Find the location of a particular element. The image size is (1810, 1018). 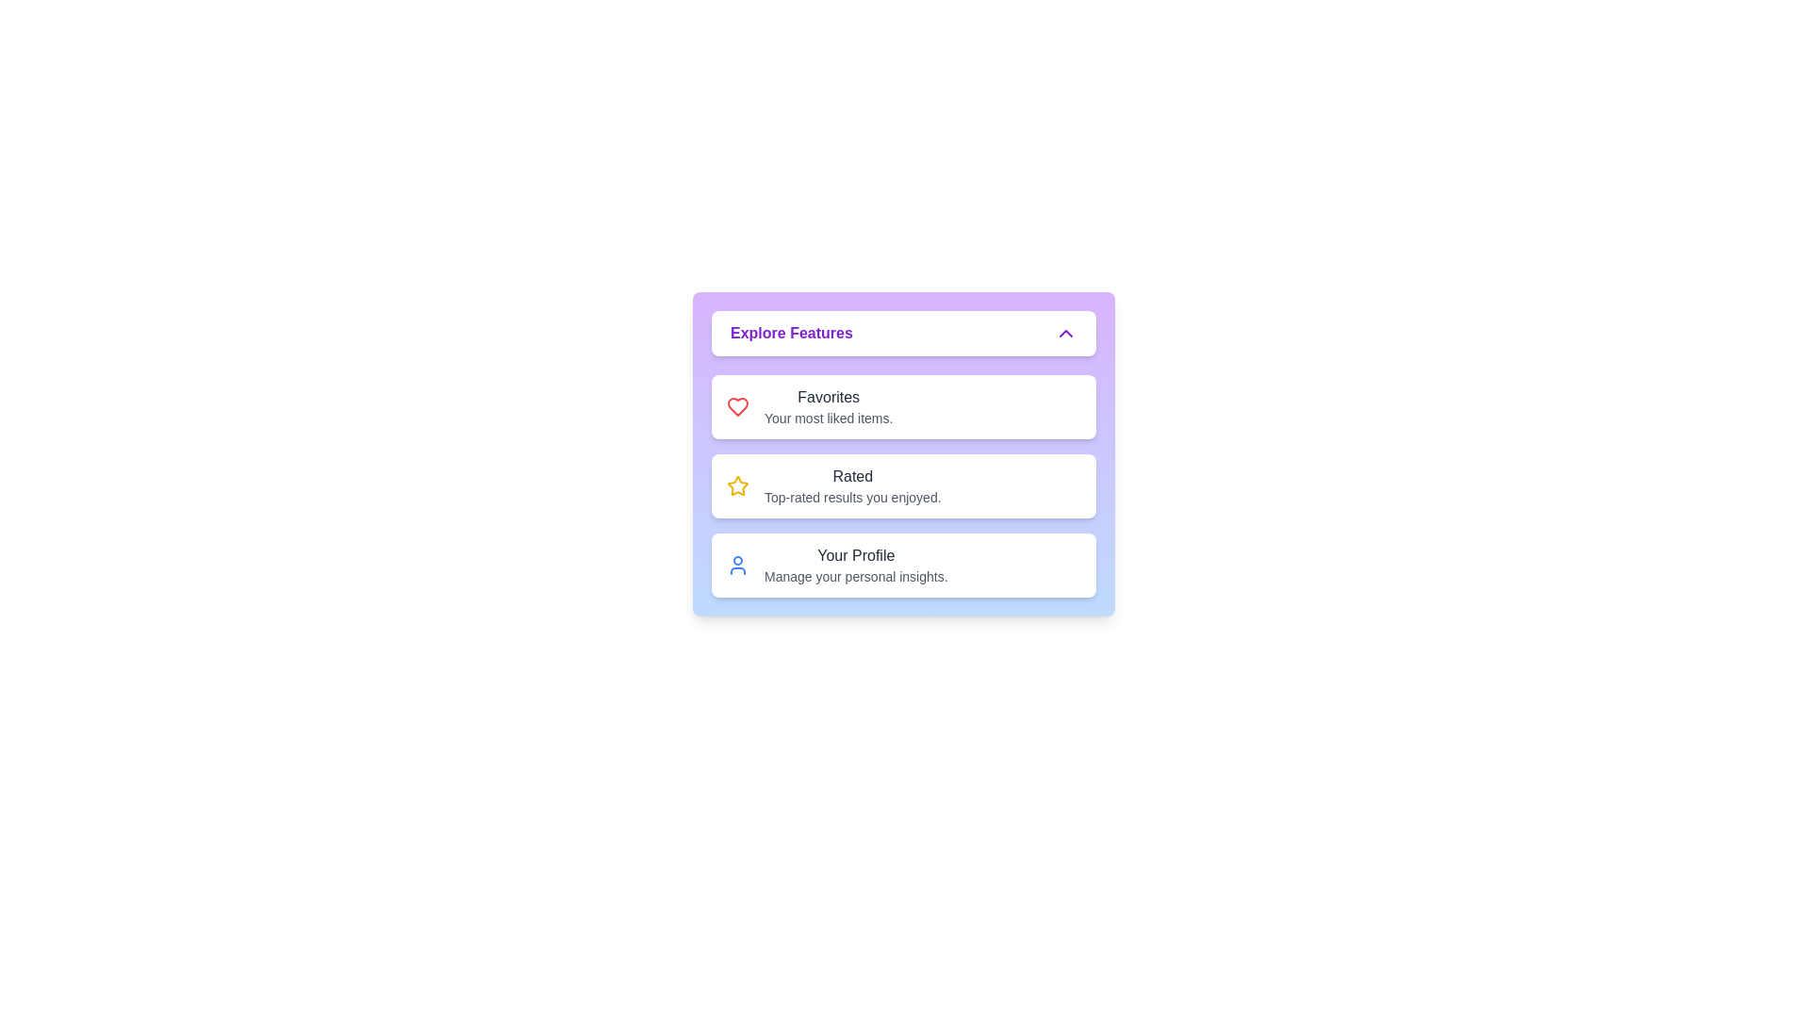

the text label displaying 'Your most liked items.' which is positioned directly below the 'Favorites' label in the top card of the feature menu list is located at coordinates (829, 417).